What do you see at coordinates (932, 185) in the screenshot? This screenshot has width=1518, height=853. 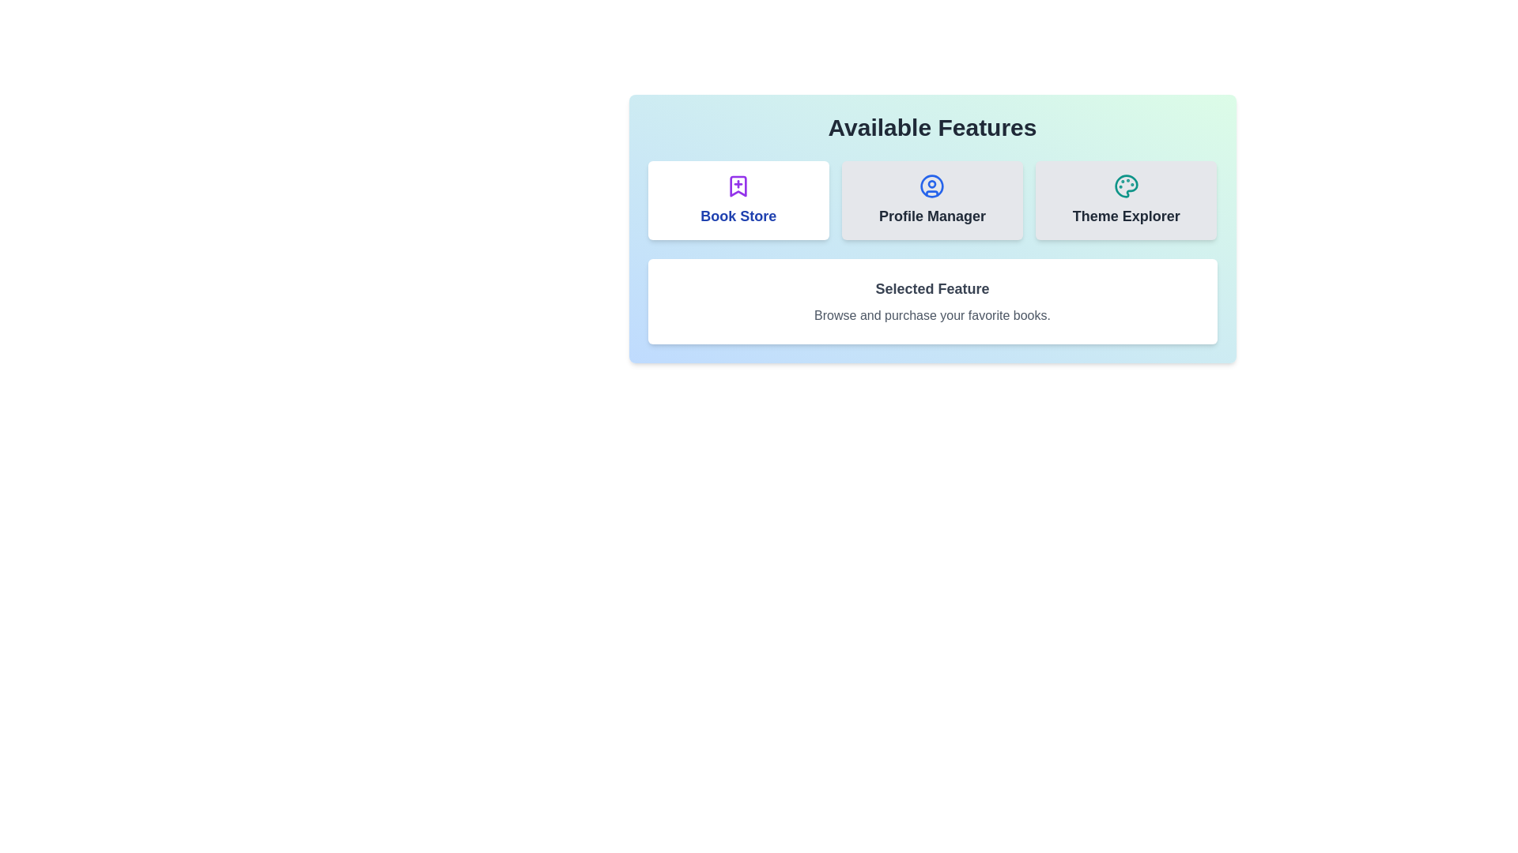 I see `the blue-outlined circle that represents the outer boundary of the Profile Manager icon in the user profile section of the feature selection panel` at bounding box center [932, 185].